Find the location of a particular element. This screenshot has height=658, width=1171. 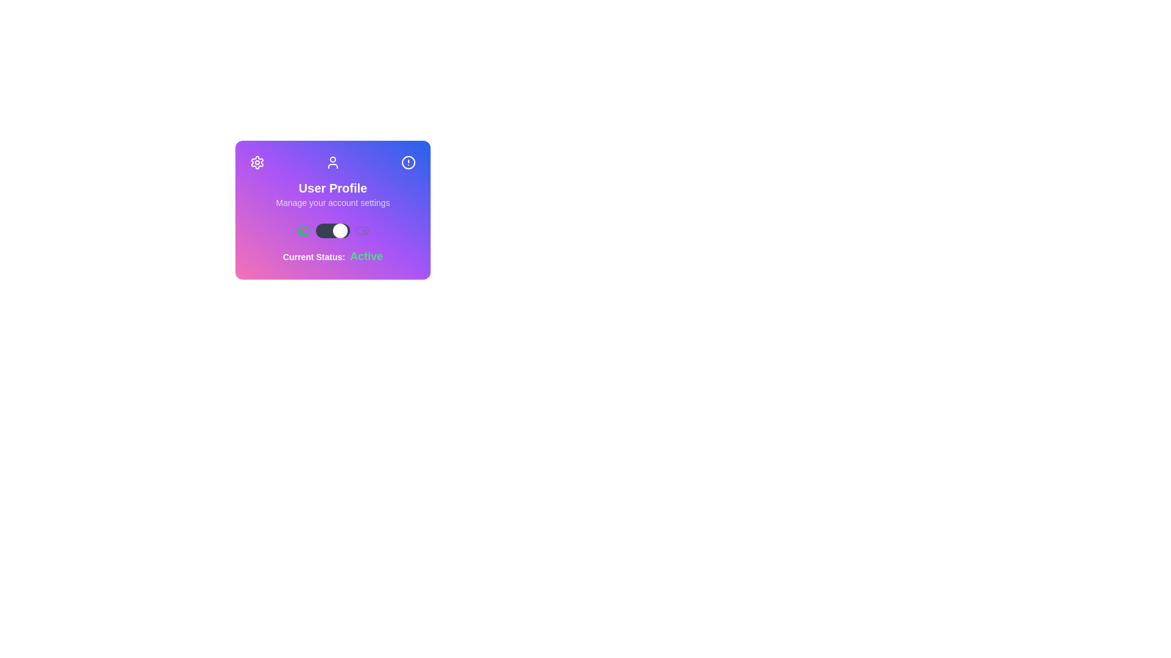

the bold text label 'User Profile' which is prominently displayed at the top of the text-centered block is located at coordinates (333, 188).